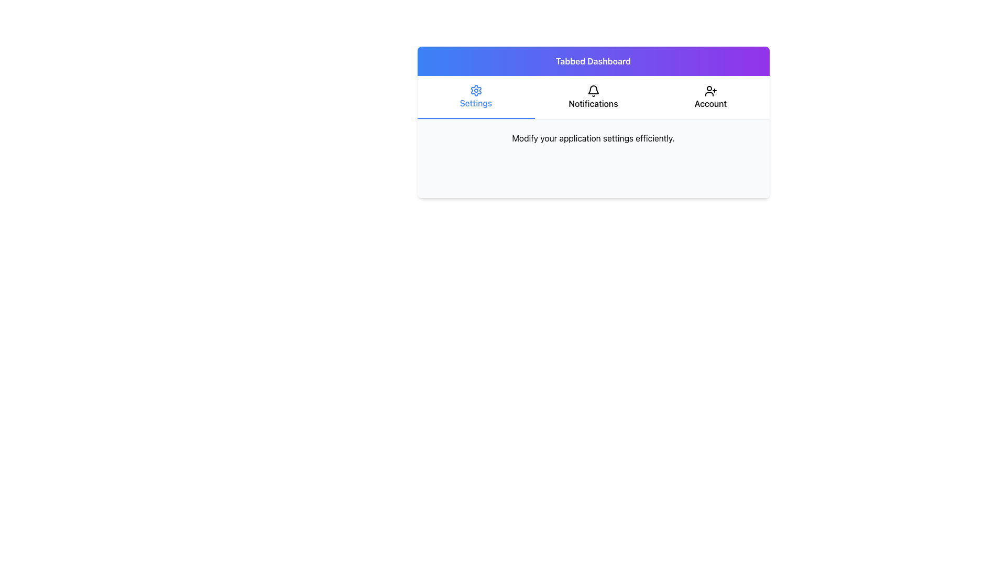  Describe the element at coordinates (475, 97) in the screenshot. I see `the settings tab in the header section of the dashboard` at that location.